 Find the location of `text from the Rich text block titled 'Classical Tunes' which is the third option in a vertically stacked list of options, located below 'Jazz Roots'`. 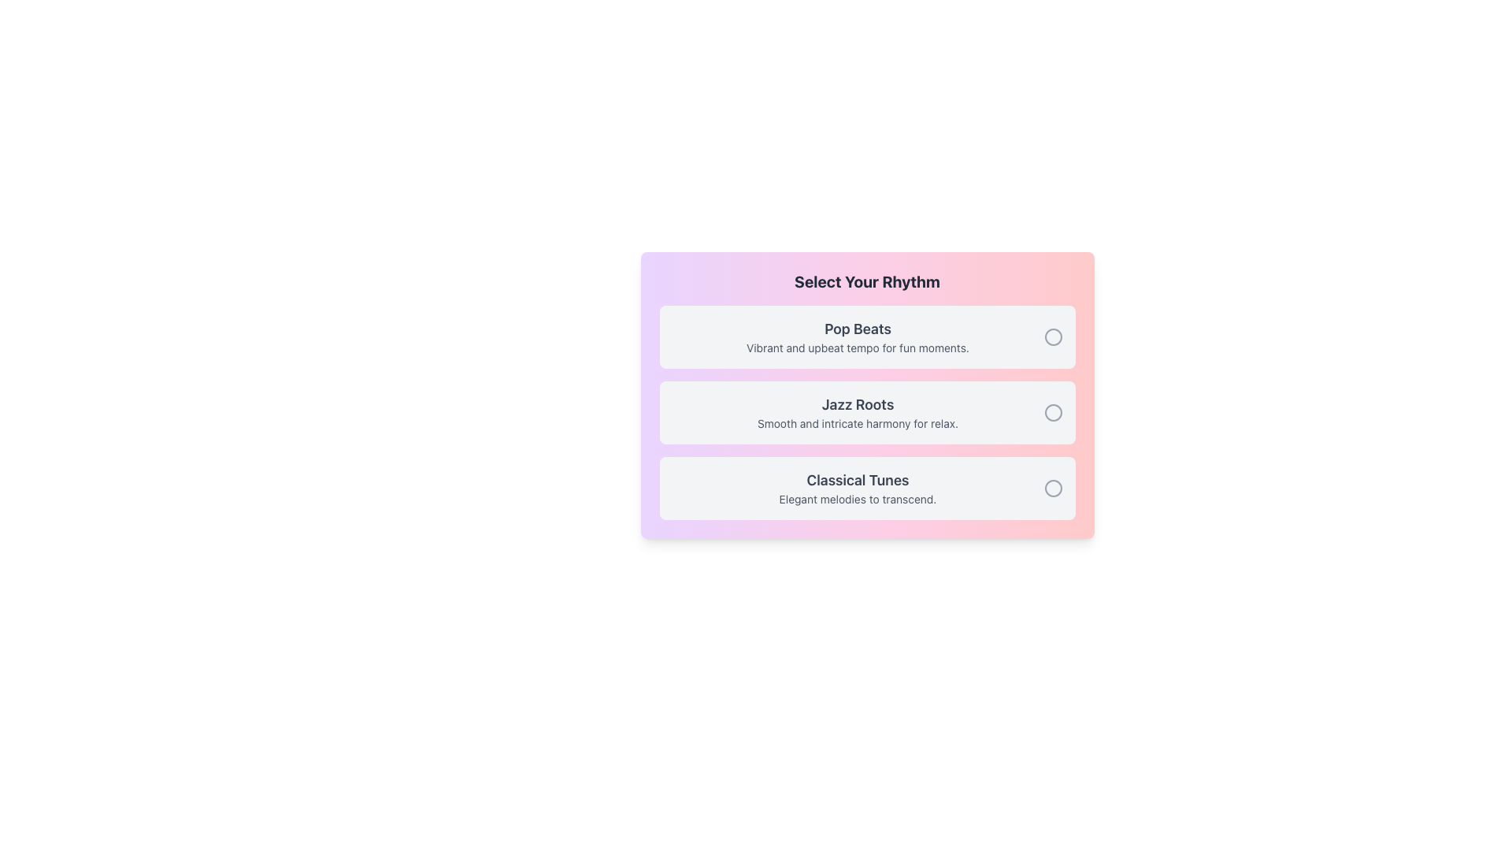

text from the Rich text block titled 'Classical Tunes' which is the third option in a vertically stacked list of options, located below 'Jazz Roots' is located at coordinates (857, 488).